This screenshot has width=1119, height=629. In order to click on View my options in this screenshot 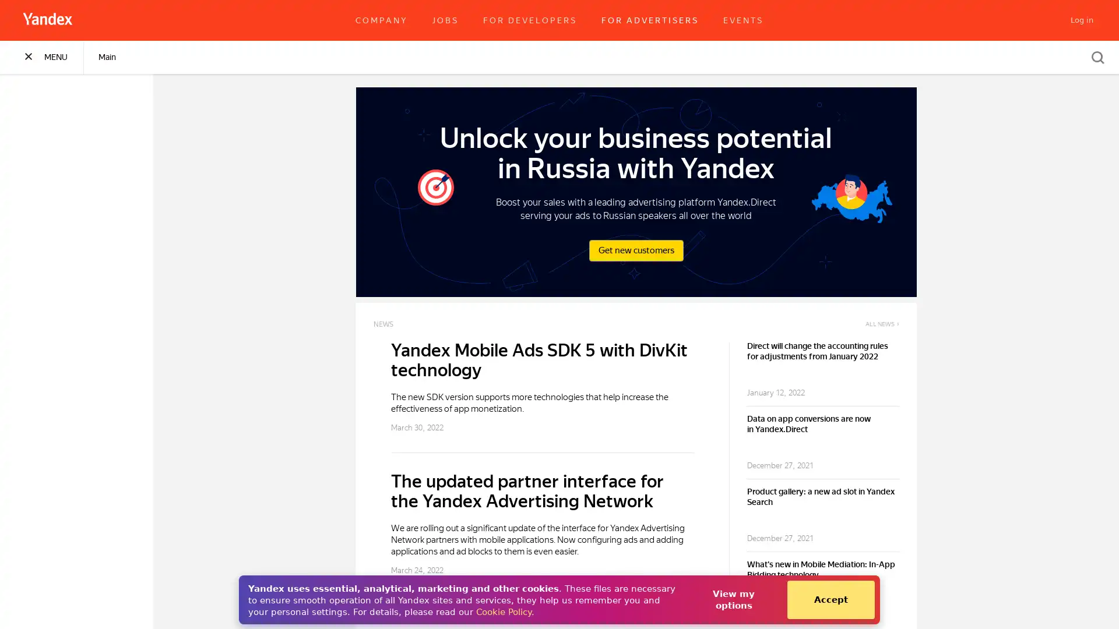, I will do `click(733, 599)`.